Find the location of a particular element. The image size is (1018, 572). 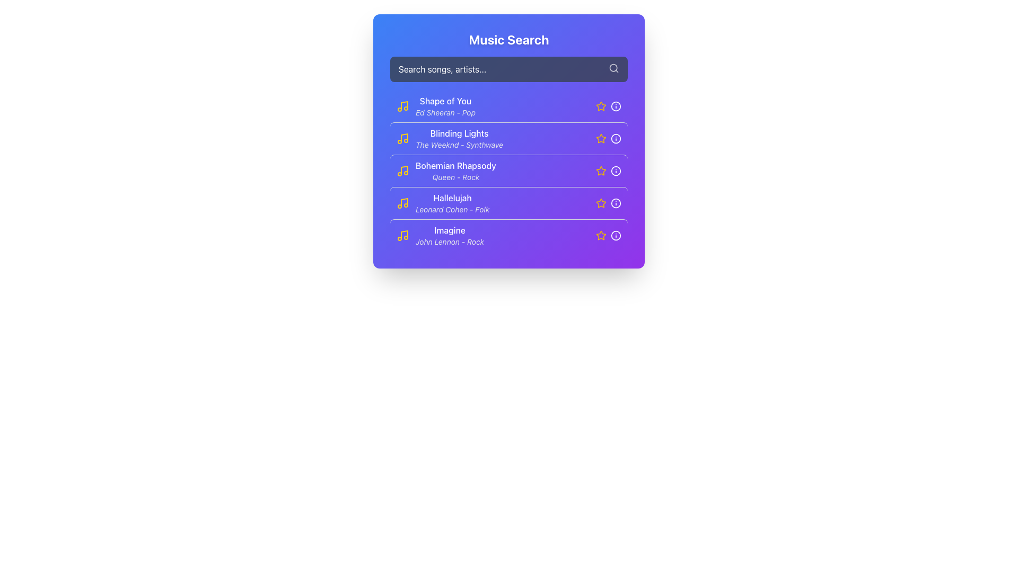

vertical line of the musical note icon styled in yellow, located next to the text 'Bohemian Rhapsody' in the third row of the song list is located at coordinates (404, 169).